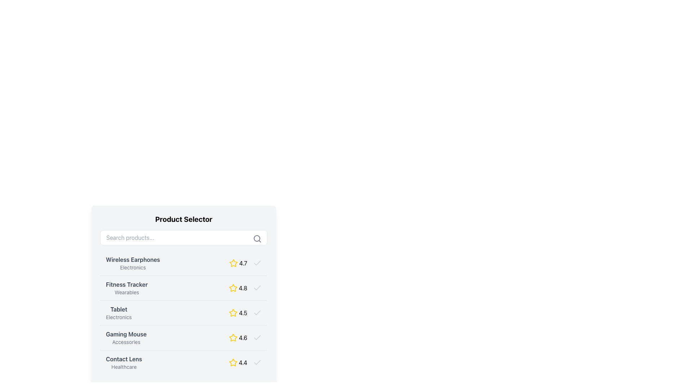  I want to click on the circular part of the magnifying glass icon in the search field, styled with a gray stroke, located in the top-right part of the 'Product Selector' section, so click(257, 238).